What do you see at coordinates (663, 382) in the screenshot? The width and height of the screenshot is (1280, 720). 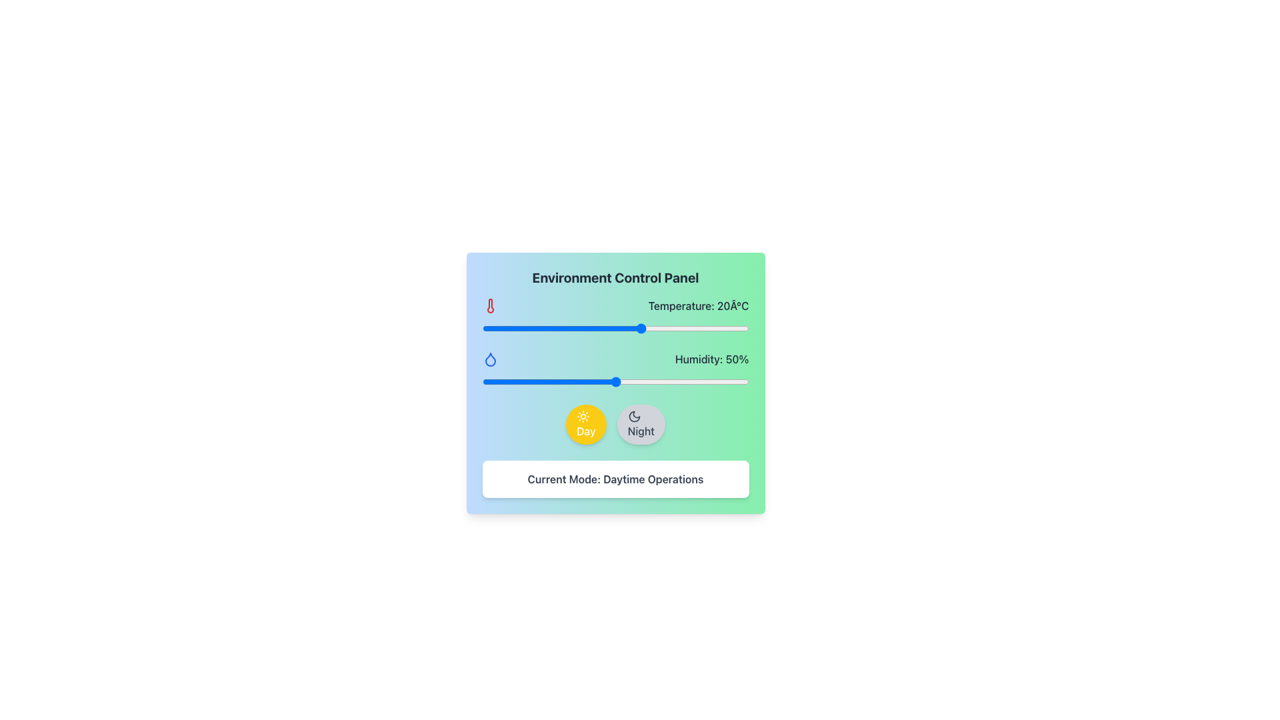 I see `the humidity level` at bounding box center [663, 382].